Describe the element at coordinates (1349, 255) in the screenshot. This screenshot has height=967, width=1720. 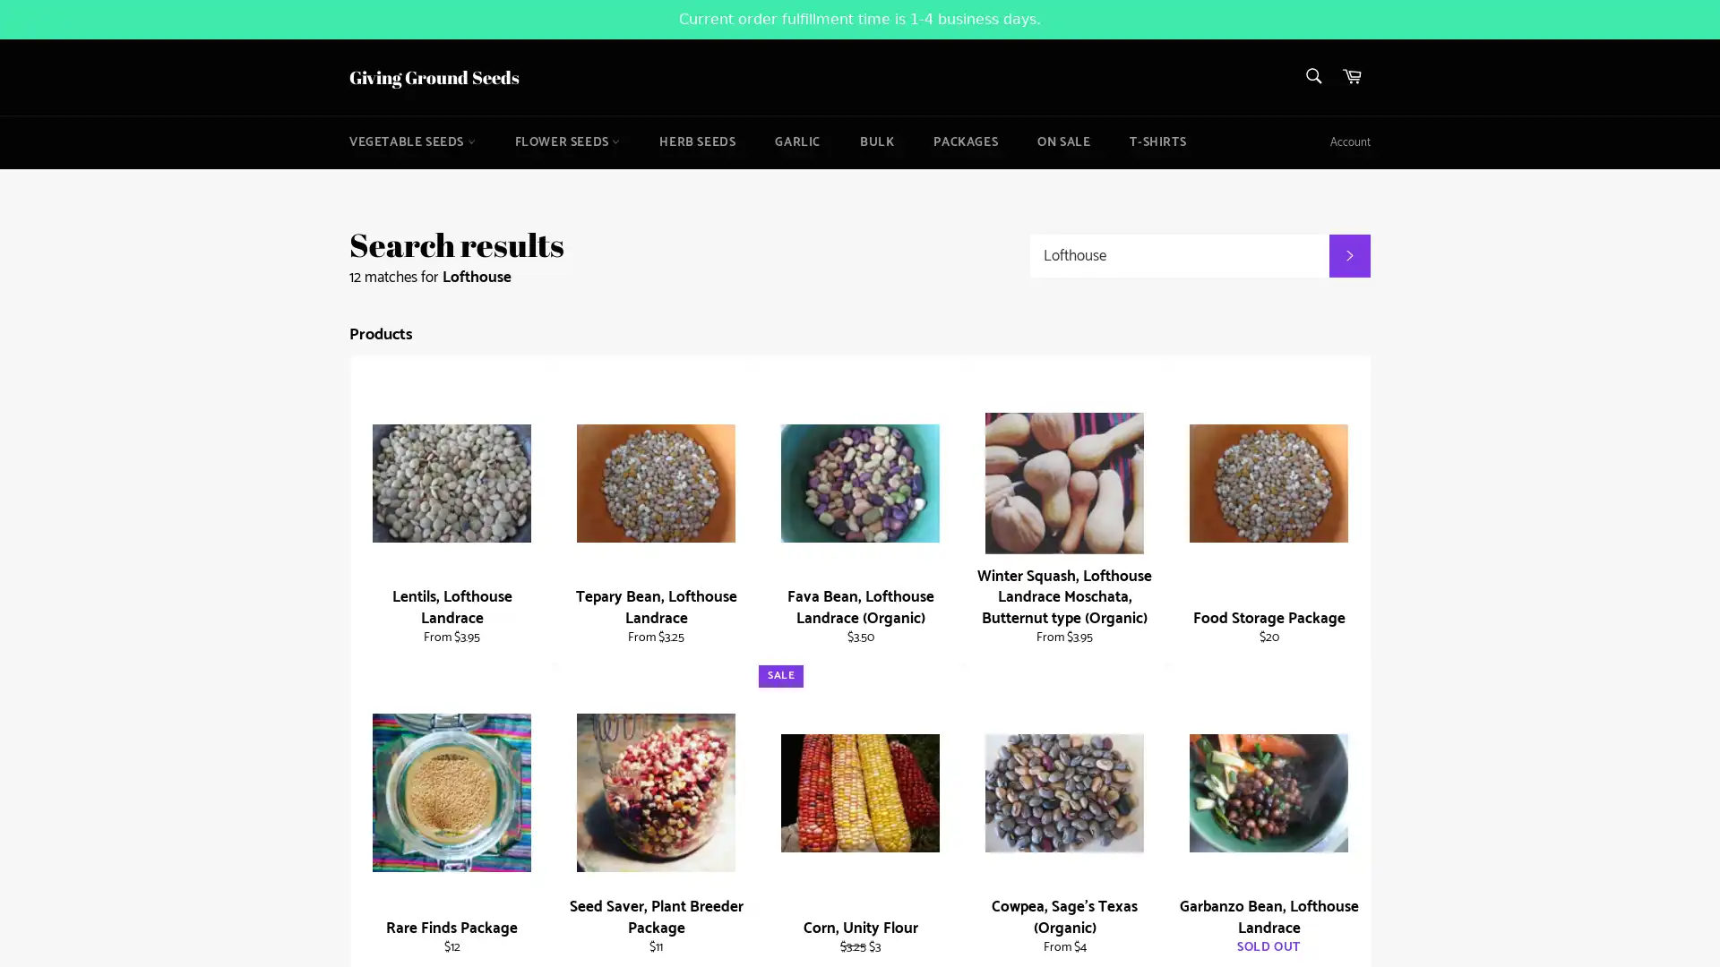
I see `SEARCH` at that location.